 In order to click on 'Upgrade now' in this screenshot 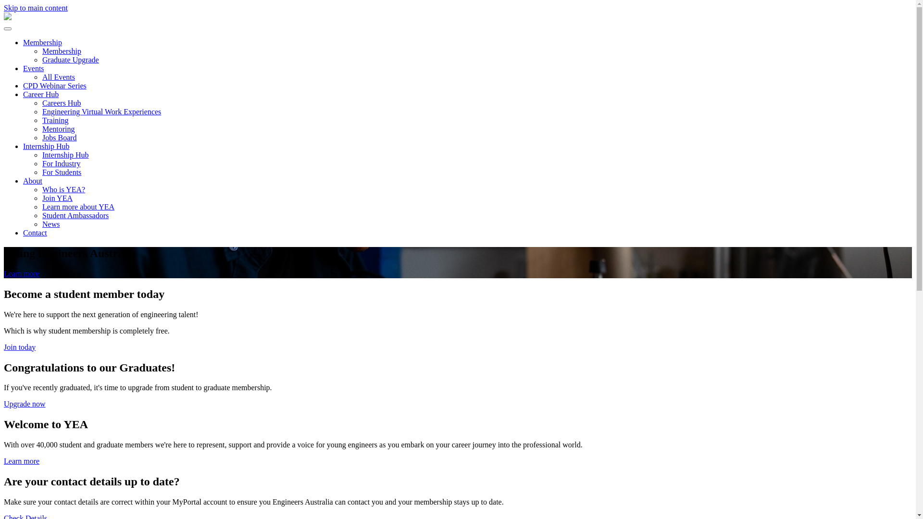, I will do `click(25, 404)`.